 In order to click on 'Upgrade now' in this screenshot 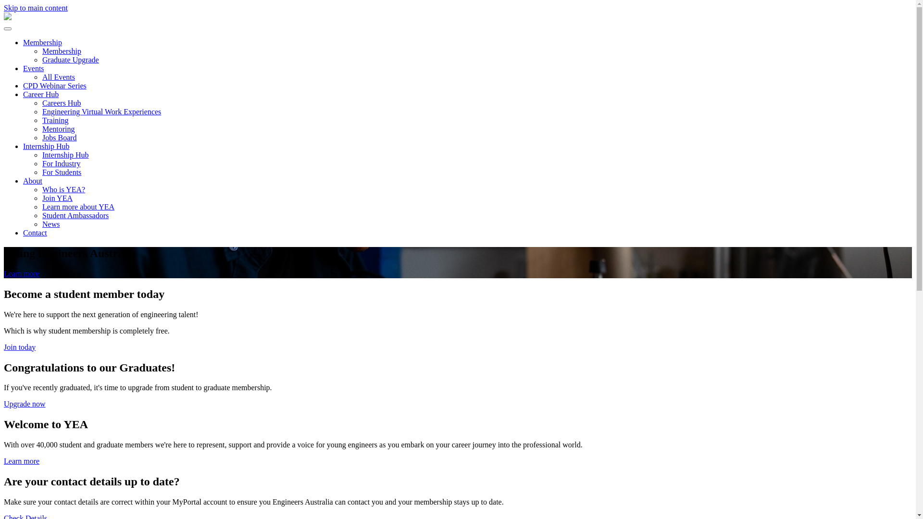, I will do `click(25, 404)`.